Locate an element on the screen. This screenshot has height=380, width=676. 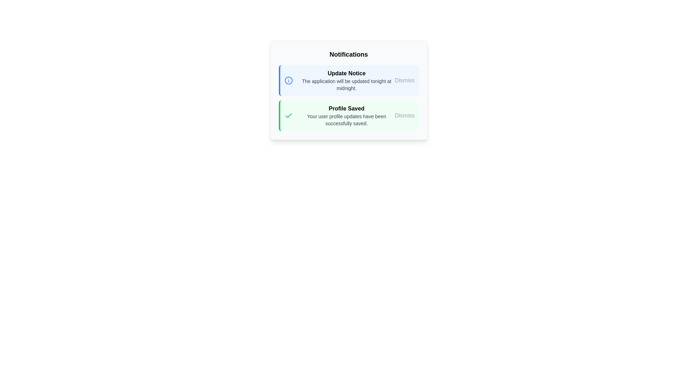
text displayed in the single-line message text label that says 'The application will be updated tonight at midnight.' located just below the 'Update Notice' heading is located at coordinates (346, 84).